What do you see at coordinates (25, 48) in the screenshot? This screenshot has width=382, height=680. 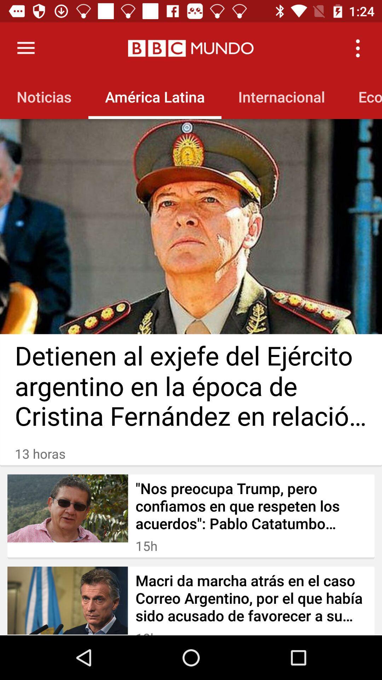 I see `the item above noticias item` at bounding box center [25, 48].